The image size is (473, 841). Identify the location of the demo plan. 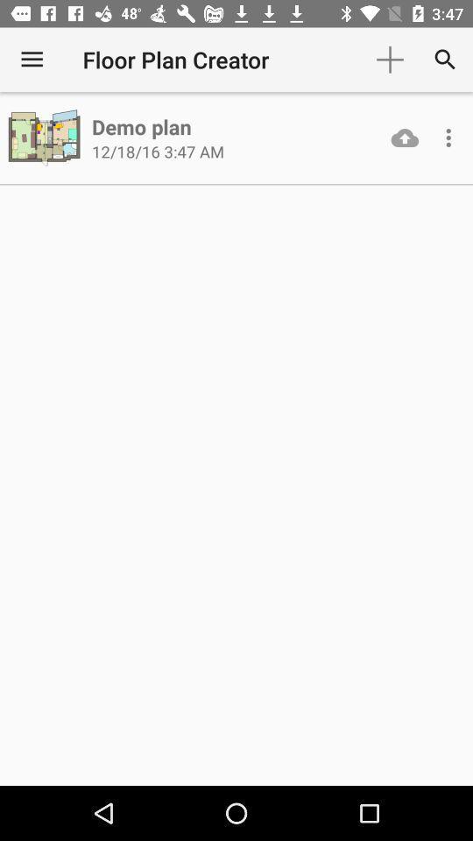
(140, 125).